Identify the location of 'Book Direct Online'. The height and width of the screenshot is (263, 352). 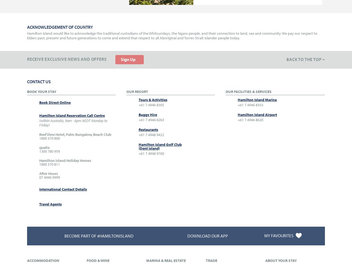
(55, 102).